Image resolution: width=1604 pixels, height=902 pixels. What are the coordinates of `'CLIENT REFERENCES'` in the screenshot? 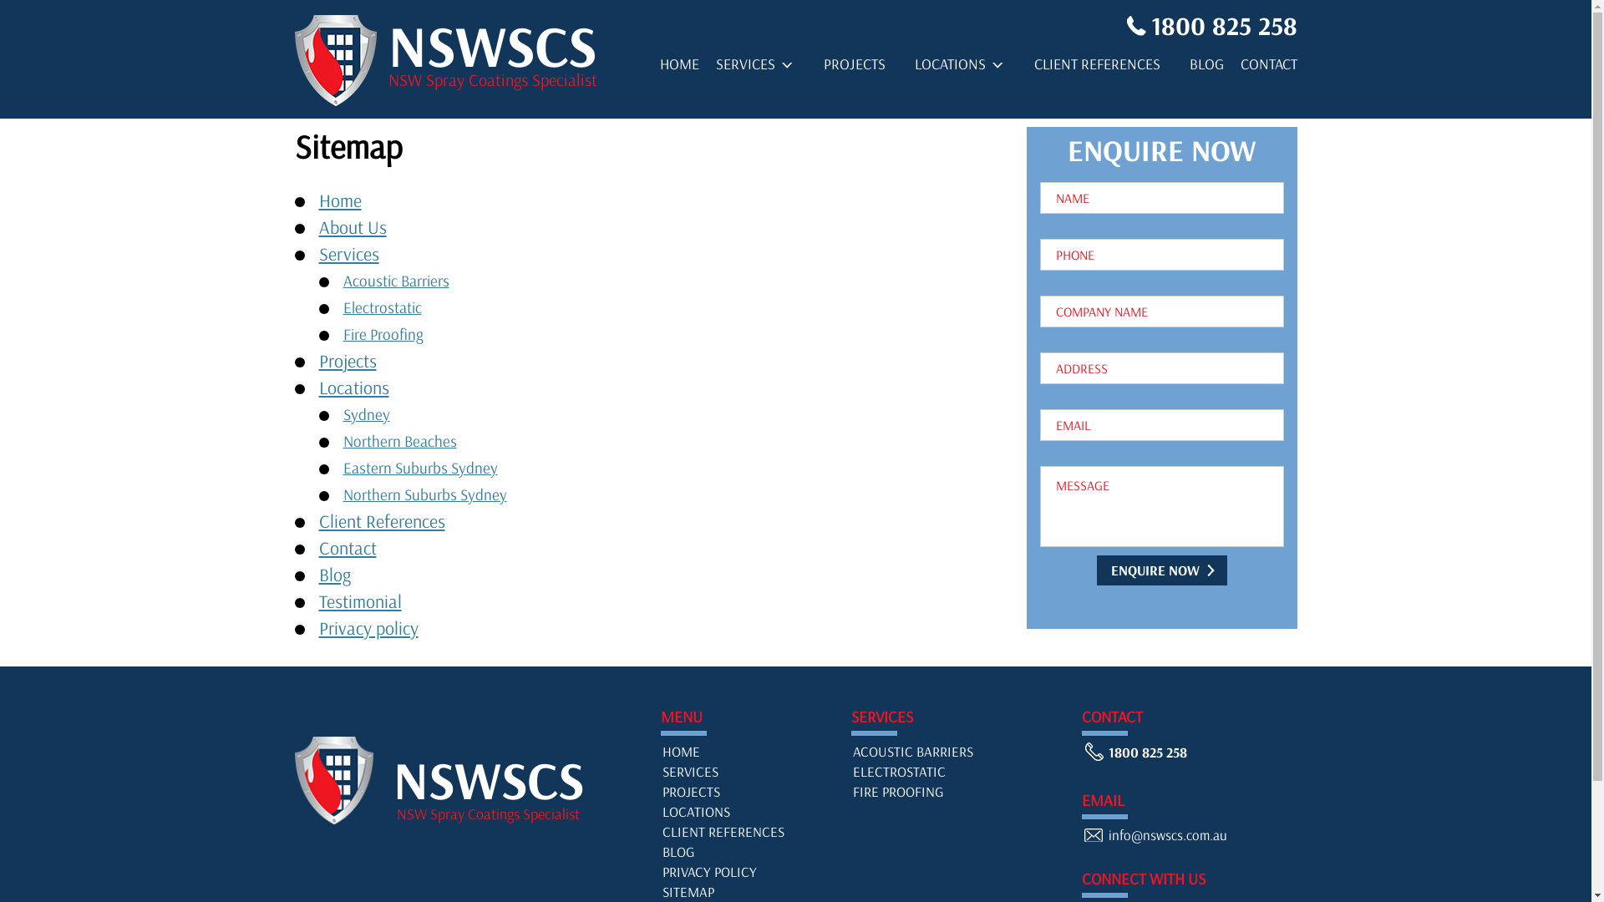 It's located at (661, 831).